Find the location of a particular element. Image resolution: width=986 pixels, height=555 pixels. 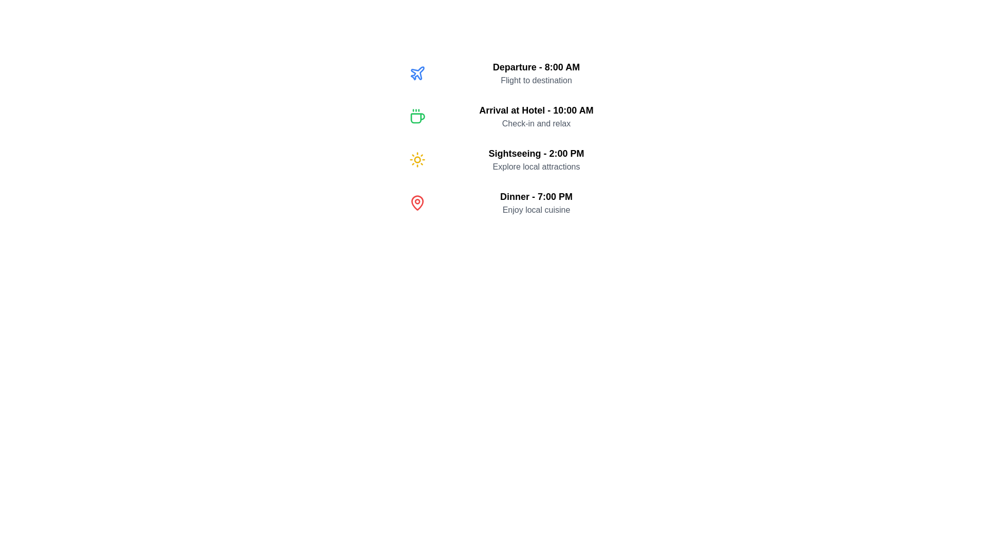

the text element styled in light gray reading 'Explore local attractions', which is located below 'Sightseeing - 2:00 PM' is located at coordinates (536, 166).